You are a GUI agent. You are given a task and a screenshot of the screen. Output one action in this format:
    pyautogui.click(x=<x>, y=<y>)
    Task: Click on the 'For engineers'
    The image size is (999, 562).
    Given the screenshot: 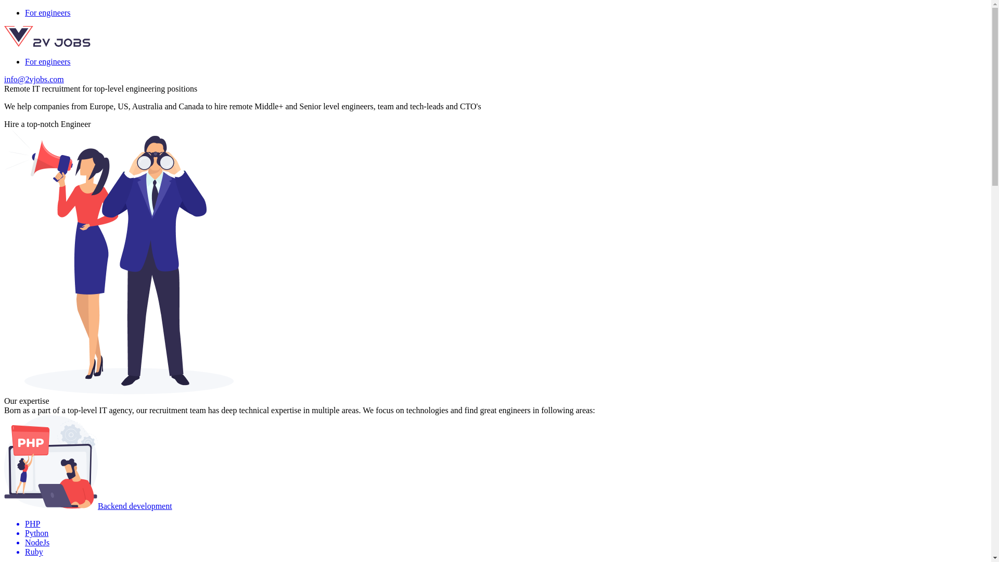 What is the action you would take?
    pyautogui.click(x=47, y=12)
    